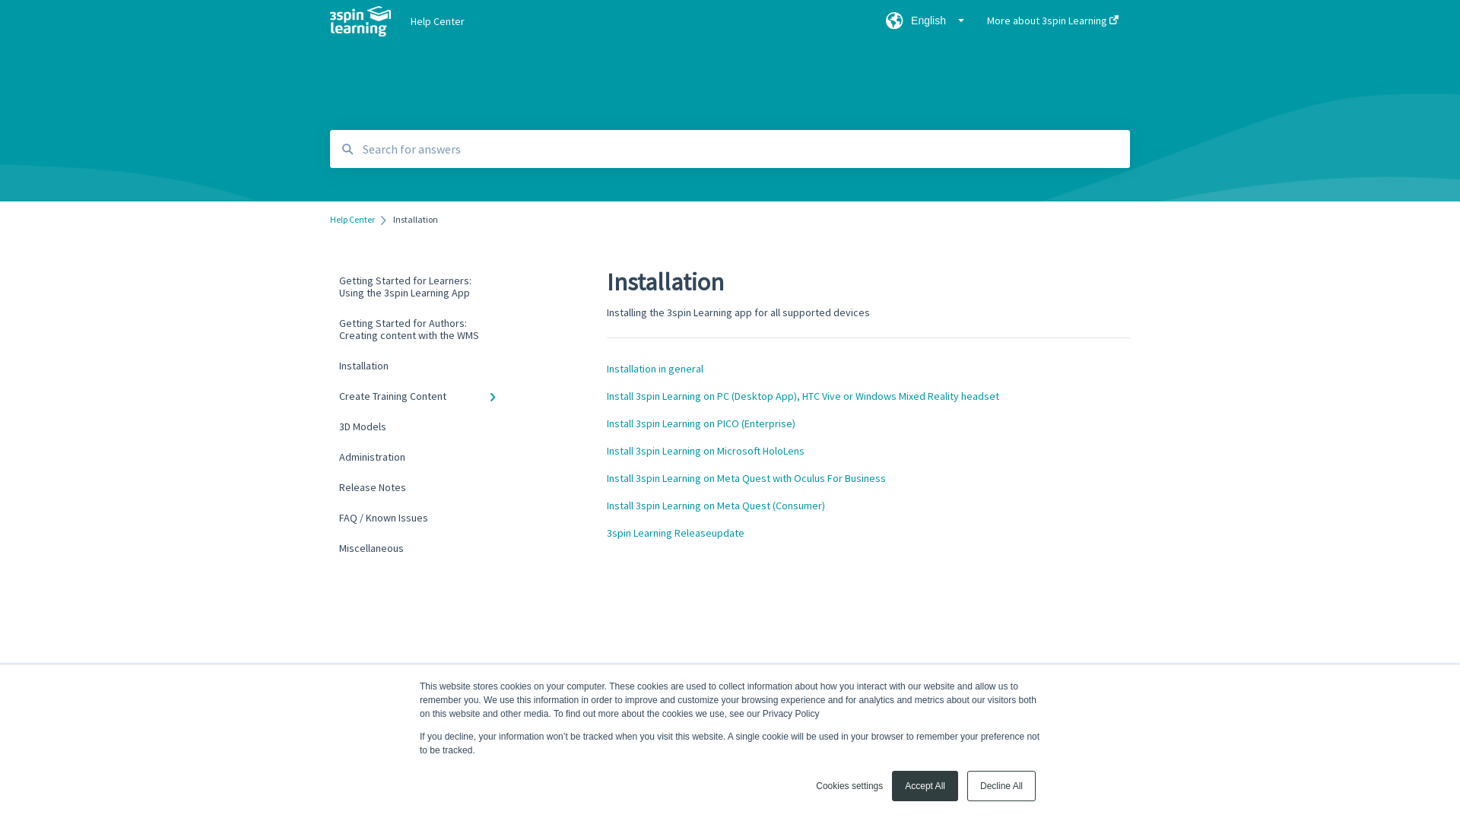 The height and width of the screenshot is (821, 1460). Describe the element at coordinates (421, 487) in the screenshot. I see `'Release Notes'` at that location.